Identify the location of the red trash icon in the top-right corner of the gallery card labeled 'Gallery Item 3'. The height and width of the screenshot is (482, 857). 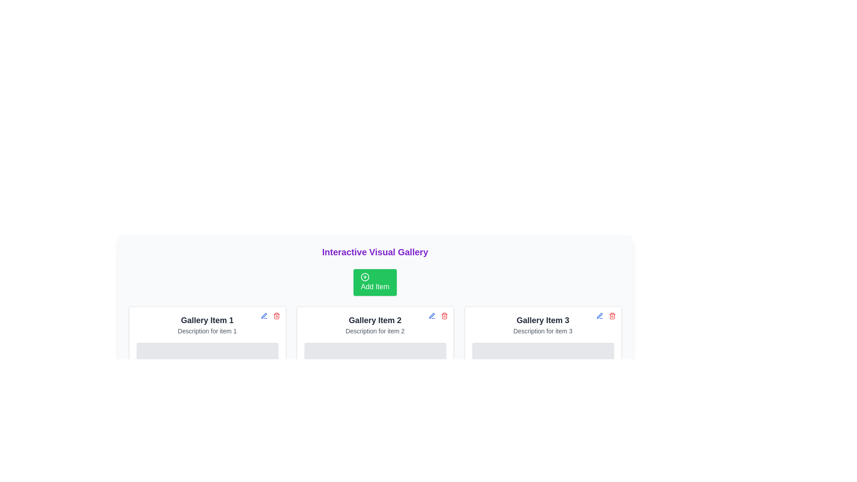
(606, 316).